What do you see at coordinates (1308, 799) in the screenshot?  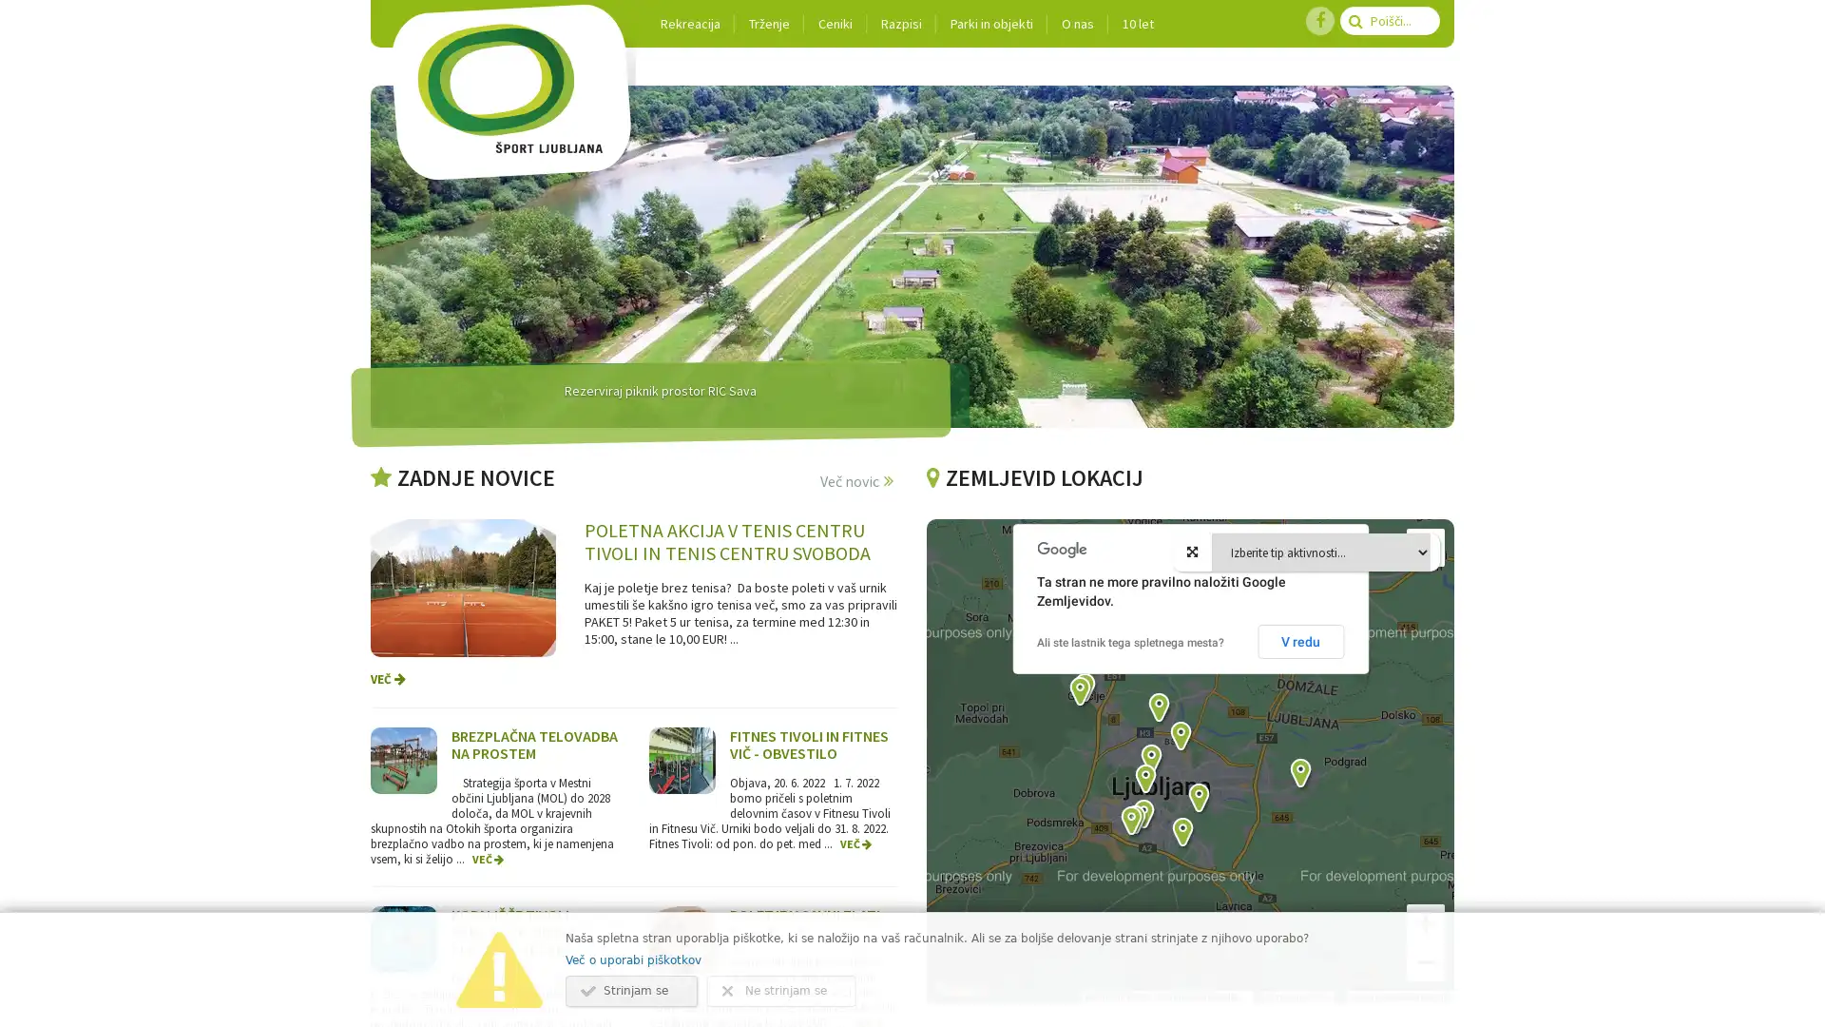 I see `Kako do nas?` at bounding box center [1308, 799].